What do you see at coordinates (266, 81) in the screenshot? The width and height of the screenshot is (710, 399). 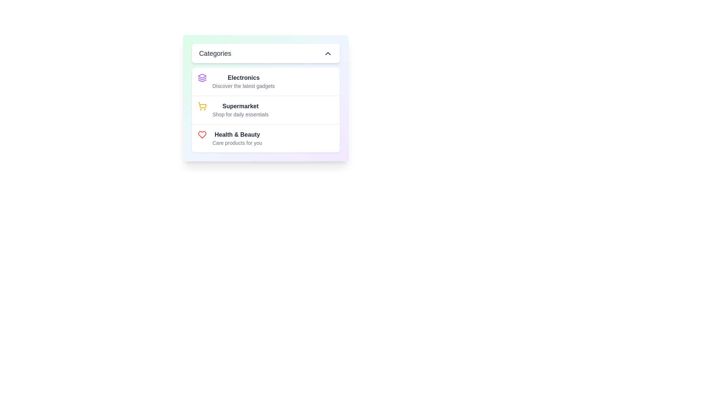 I see `the 'Electronics' menu item, which features a purple icon and bold title` at bounding box center [266, 81].